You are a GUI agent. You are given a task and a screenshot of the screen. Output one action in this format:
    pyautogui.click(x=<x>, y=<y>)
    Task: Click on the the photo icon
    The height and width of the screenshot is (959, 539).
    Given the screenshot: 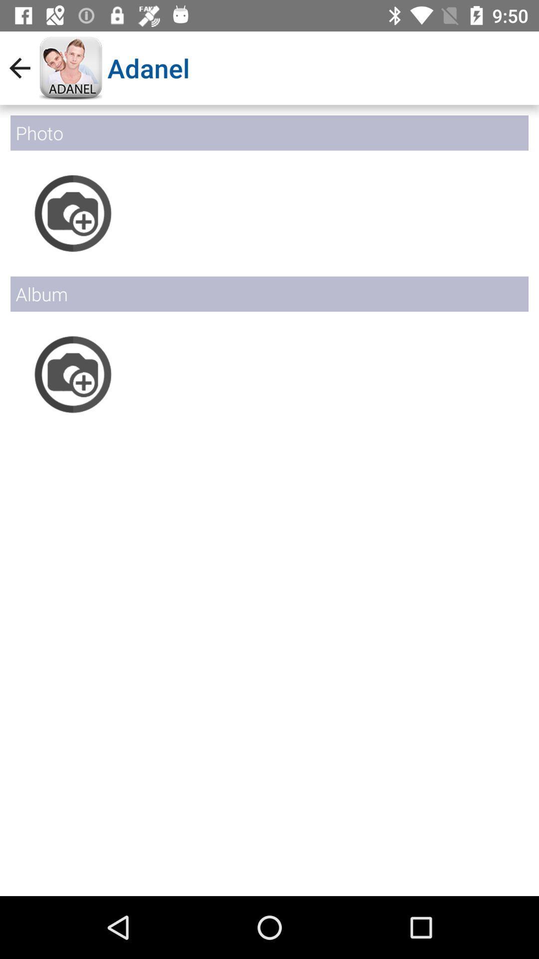 What is the action you would take?
    pyautogui.click(x=72, y=374)
    